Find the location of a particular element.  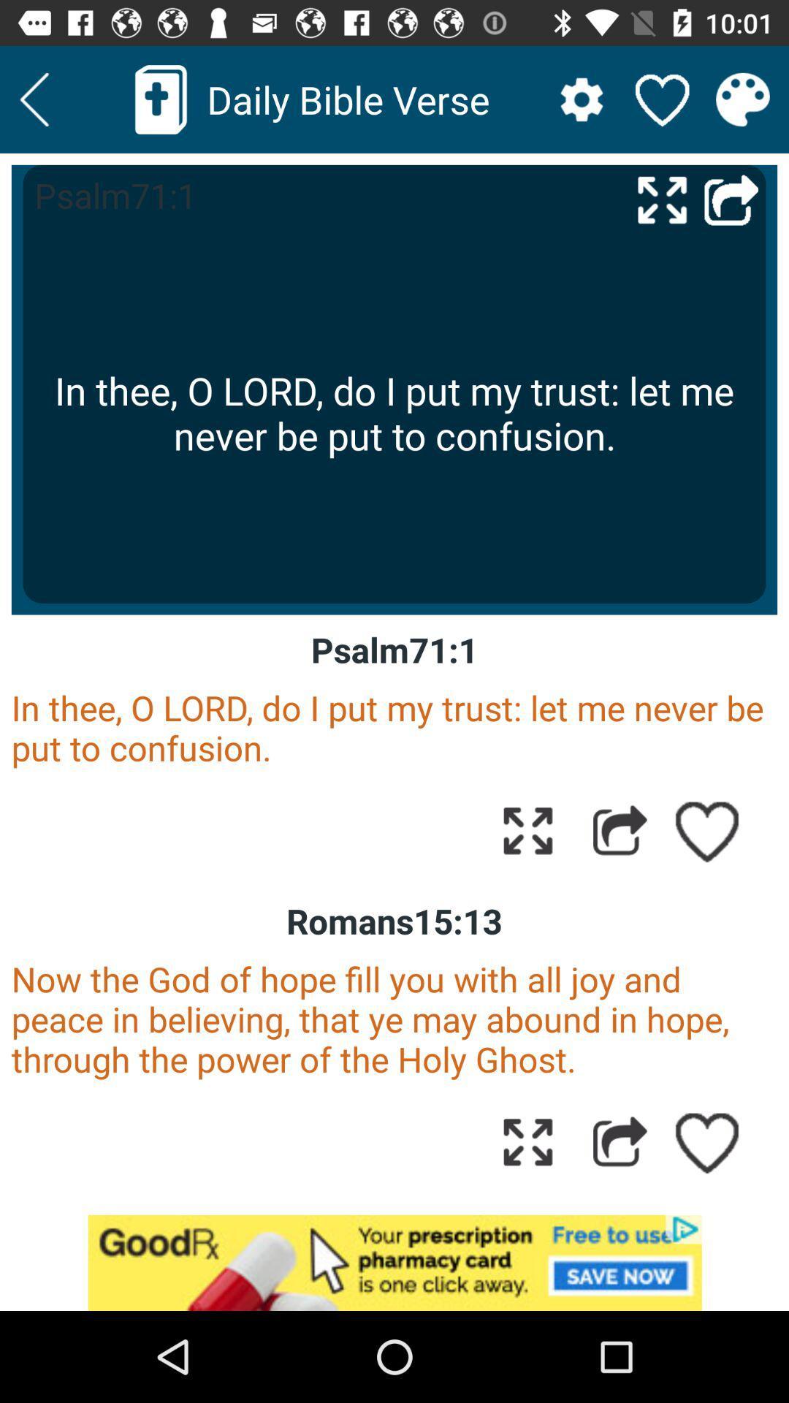

share button is located at coordinates (620, 830).